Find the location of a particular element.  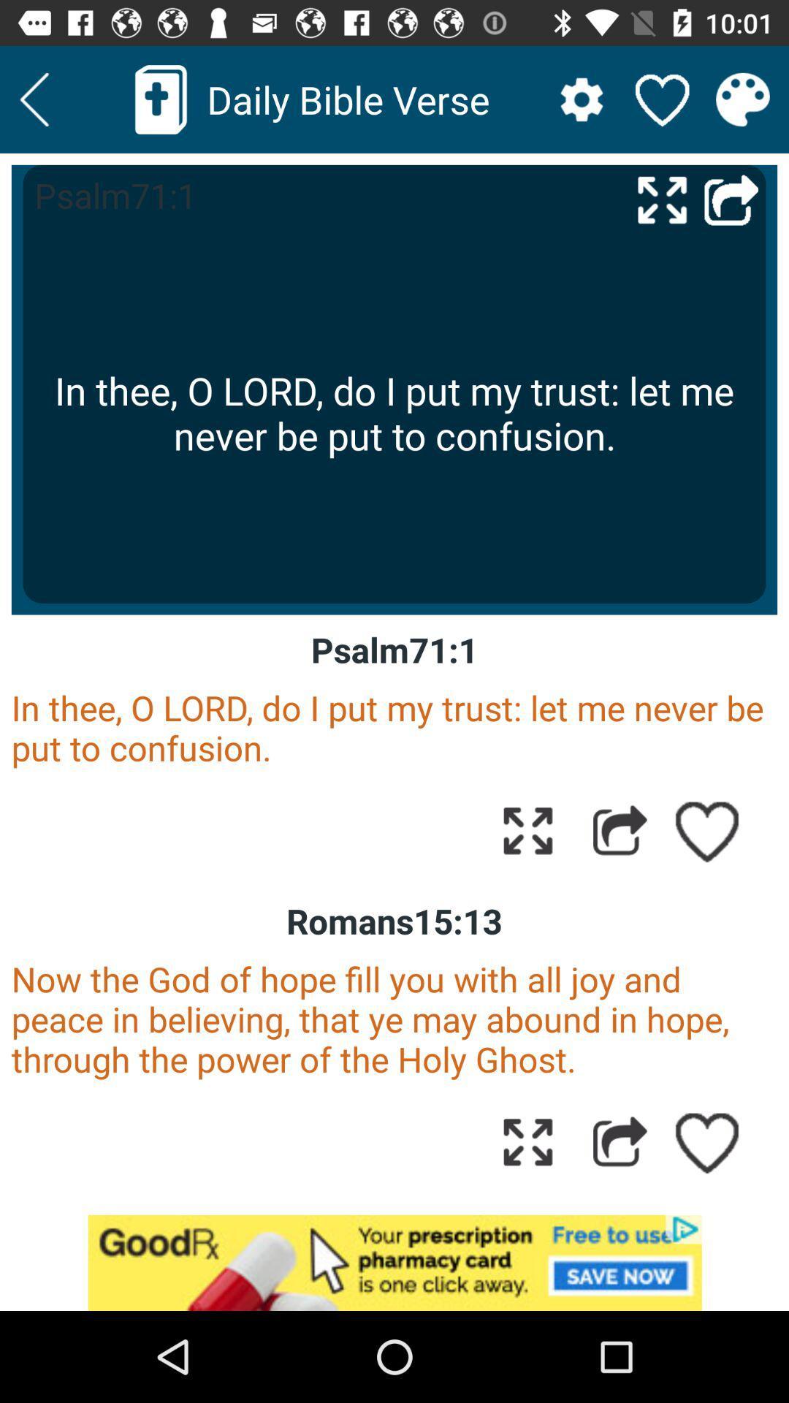

share button is located at coordinates (620, 830).